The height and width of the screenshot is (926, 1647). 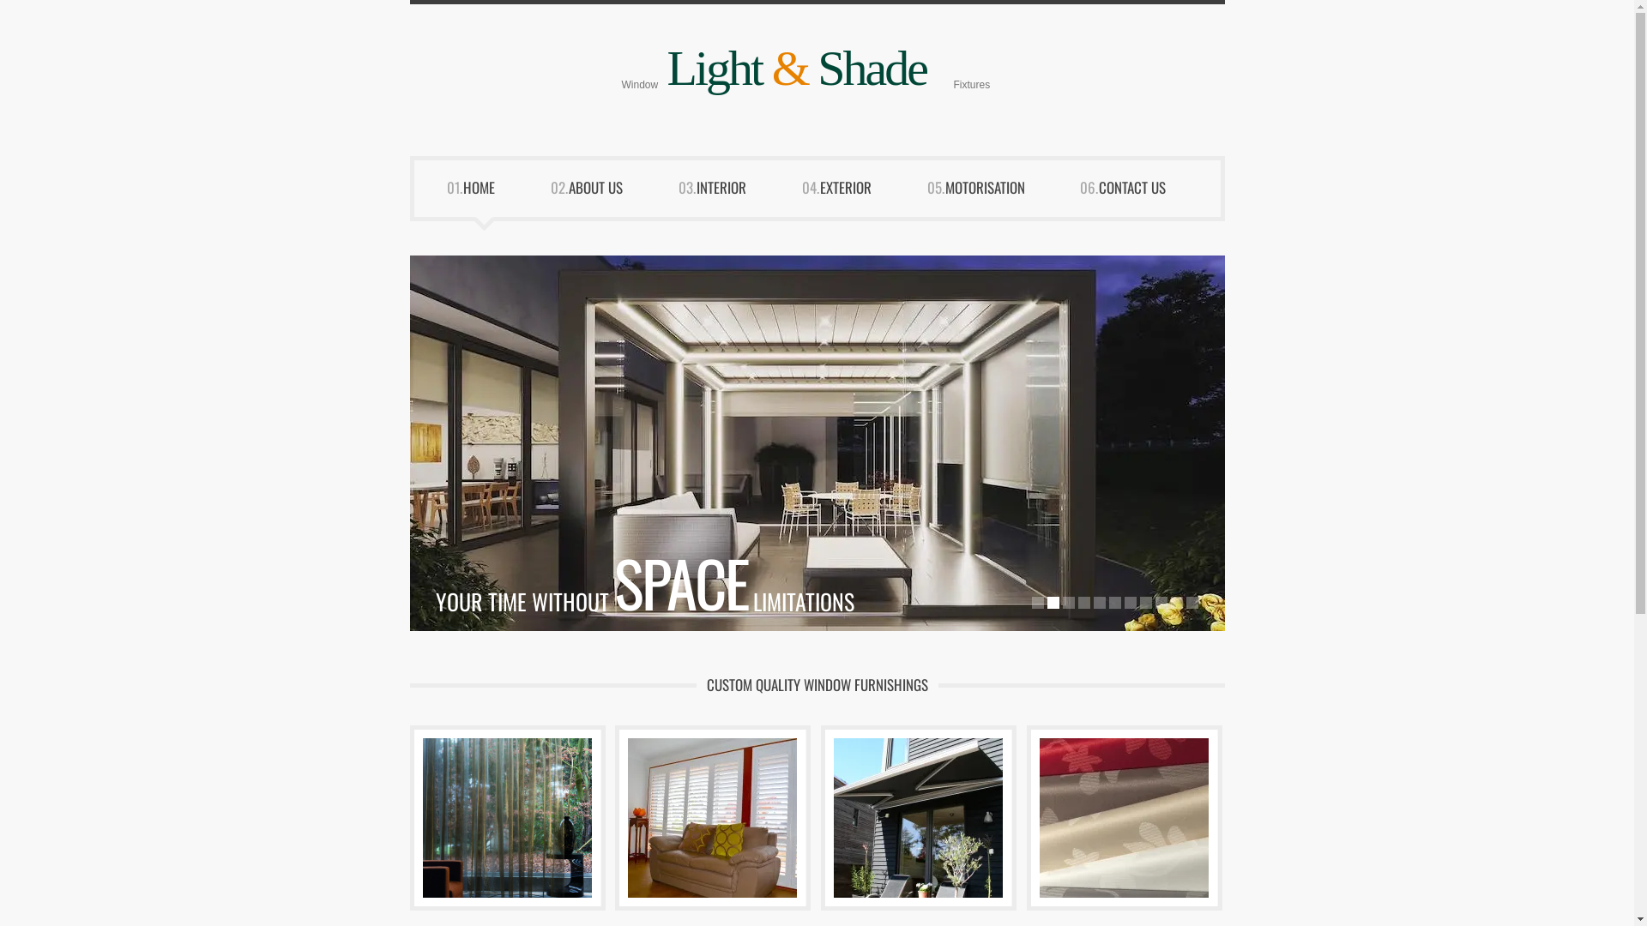 What do you see at coordinates (1114, 601) in the screenshot?
I see `'6'` at bounding box center [1114, 601].